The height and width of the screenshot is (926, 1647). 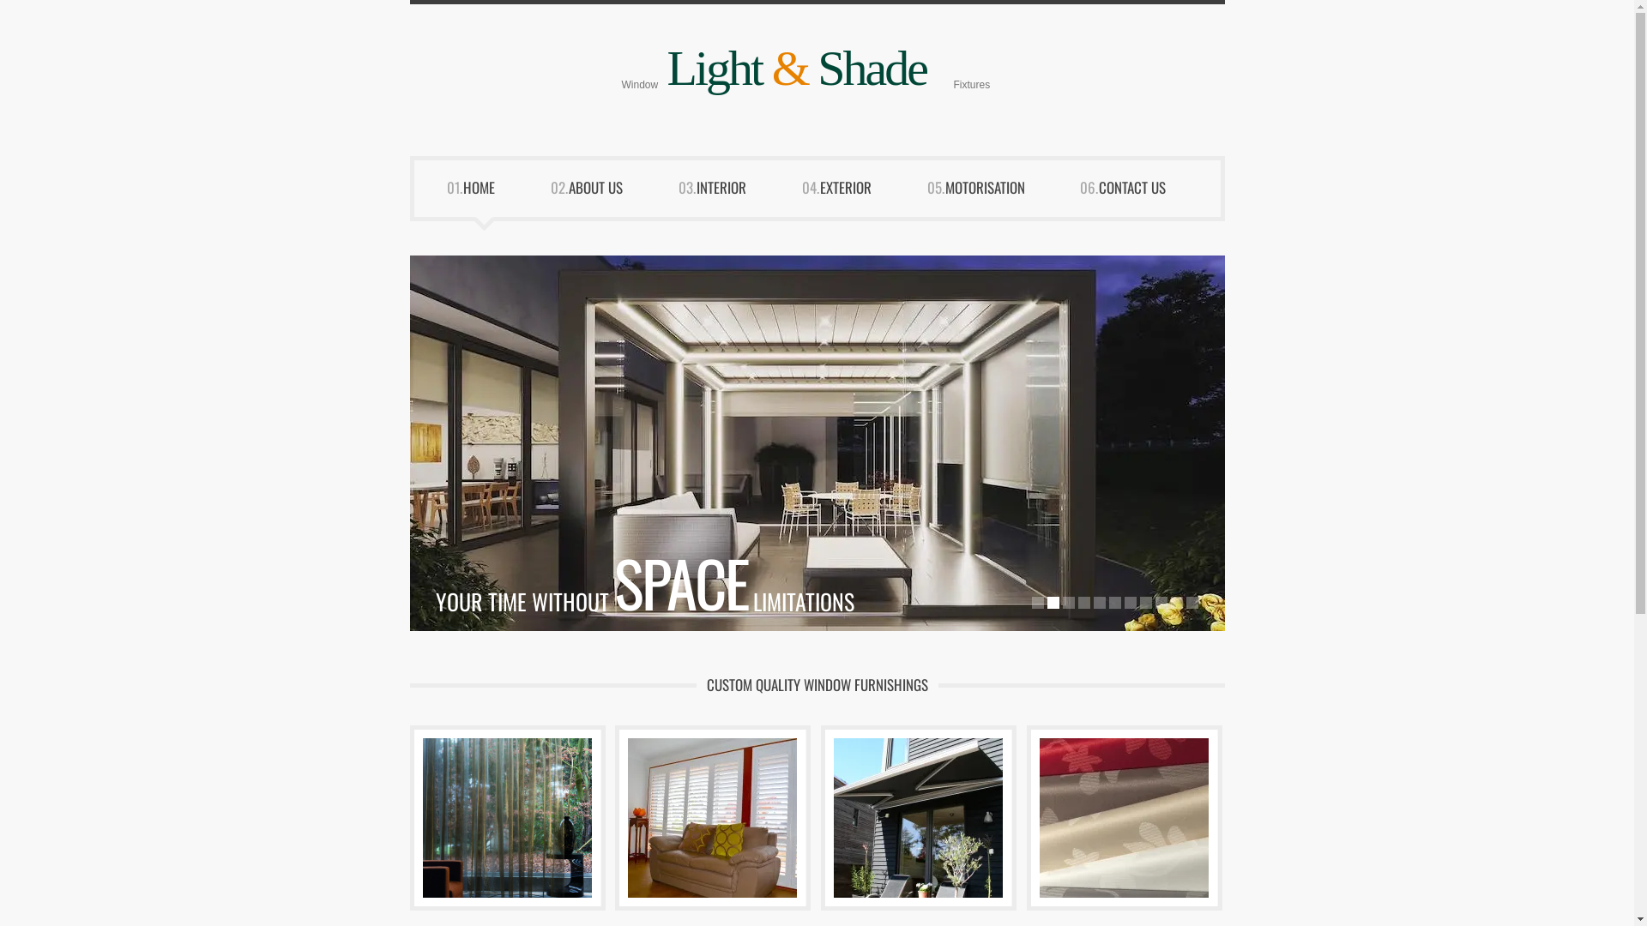 What do you see at coordinates (1114, 601) in the screenshot?
I see `'6'` at bounding box center [1114, 601].